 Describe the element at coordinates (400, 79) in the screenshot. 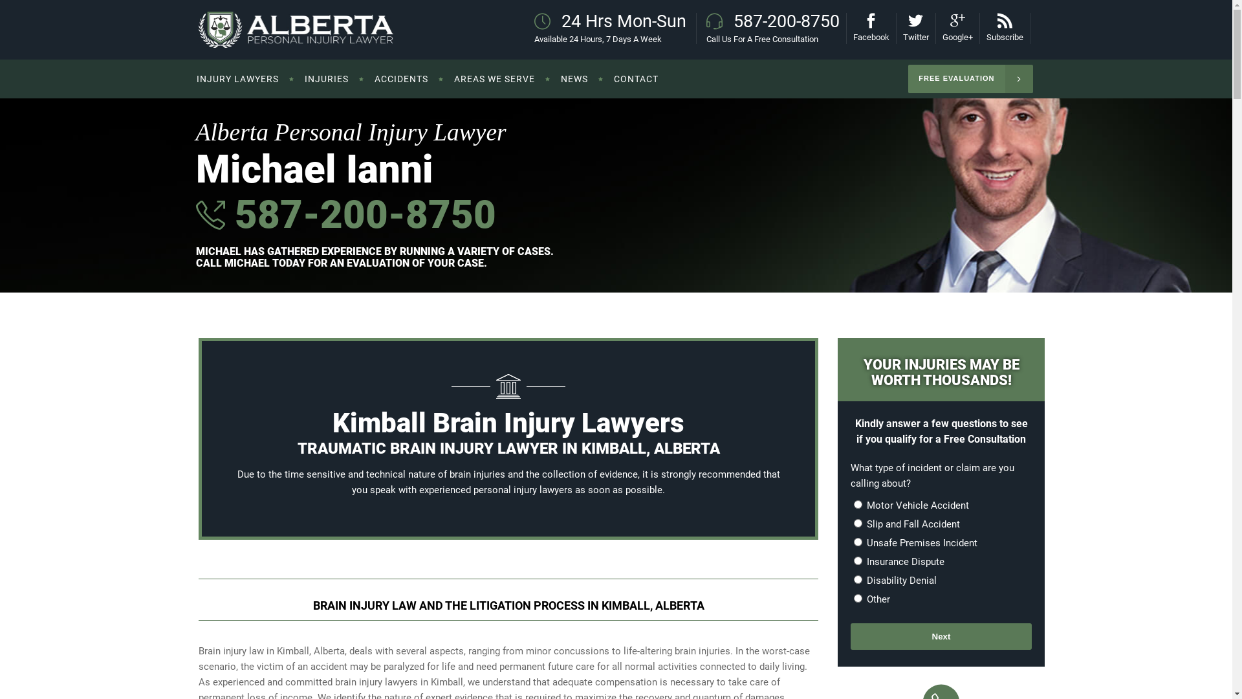

I see `'ACCIDENTS'` at that location.